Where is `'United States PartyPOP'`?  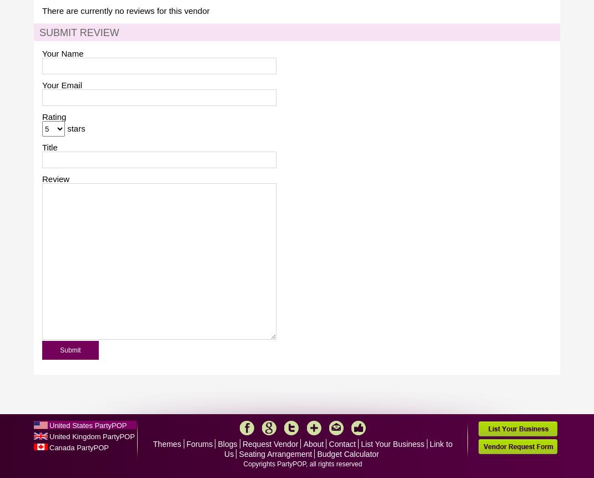
'United States PartyPOP' is located at coordinates (49, 425).